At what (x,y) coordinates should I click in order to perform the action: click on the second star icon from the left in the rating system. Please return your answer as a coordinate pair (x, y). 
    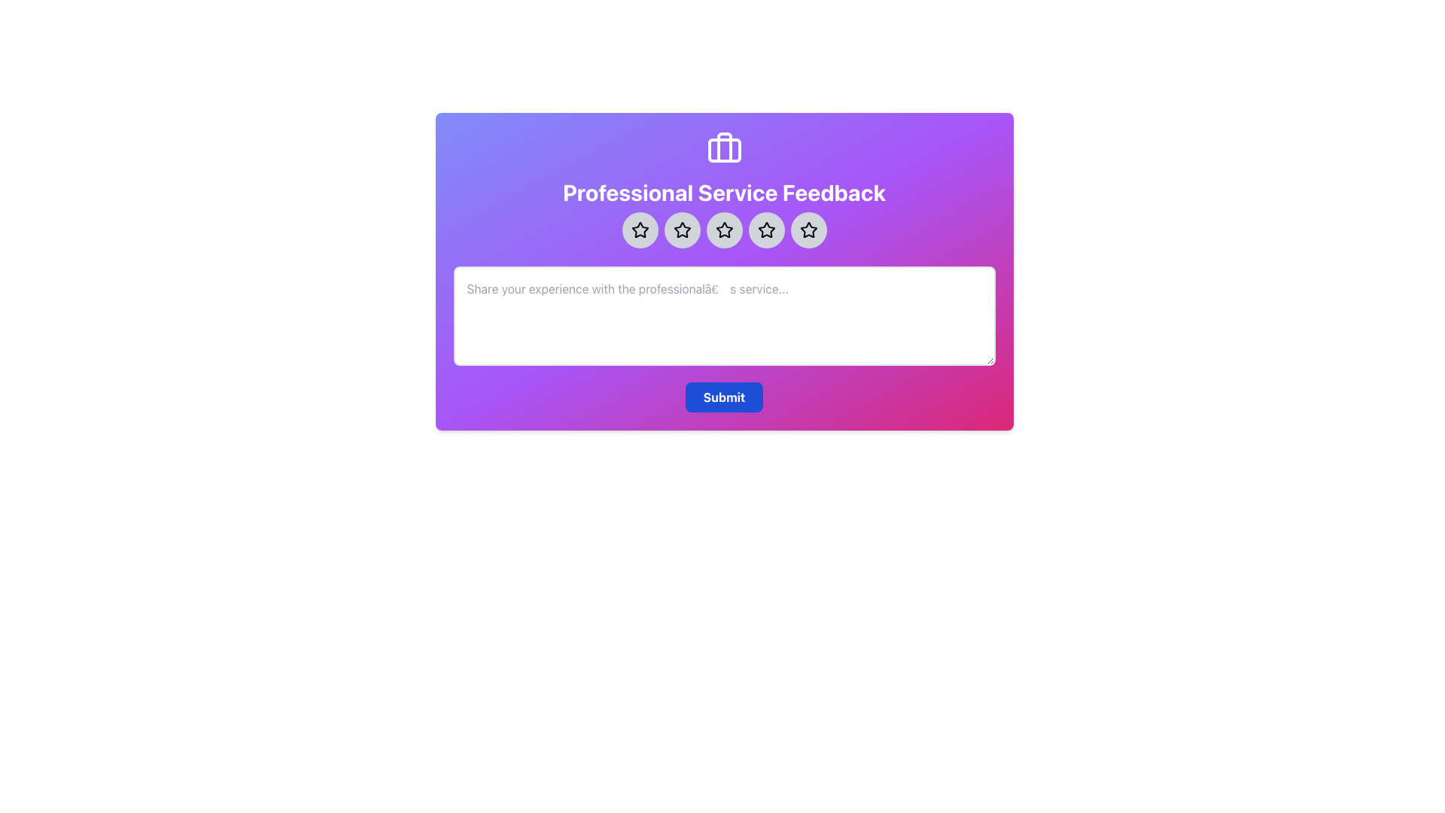
    Looking at the image, I should click on (681, 229).